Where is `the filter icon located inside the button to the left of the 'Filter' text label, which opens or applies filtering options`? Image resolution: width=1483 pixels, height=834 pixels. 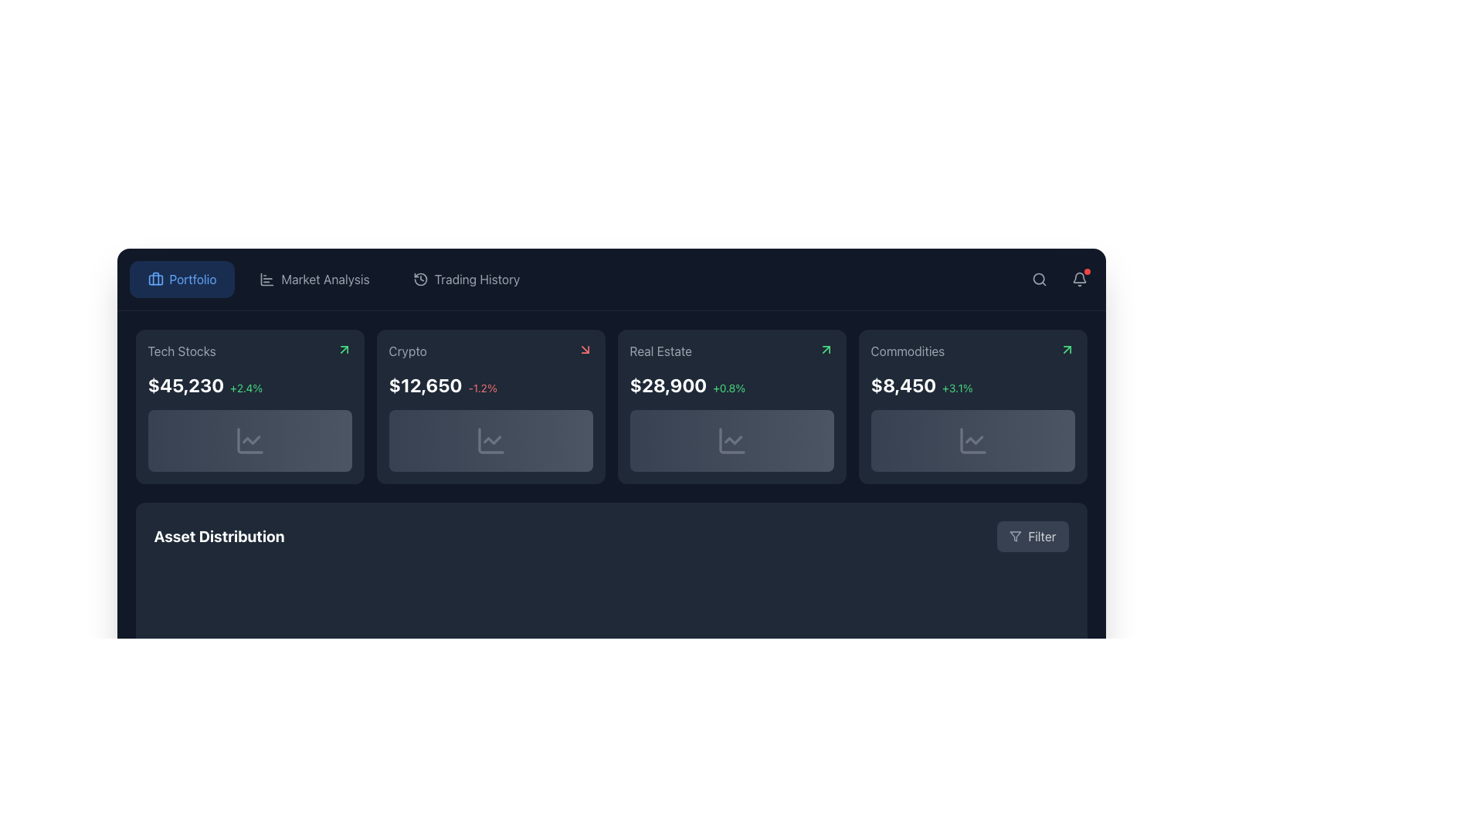 the filter icon located inside the button to the left of the 'Filter' text label, which opens or applies filtering options is located at coordinates (1016, 535).